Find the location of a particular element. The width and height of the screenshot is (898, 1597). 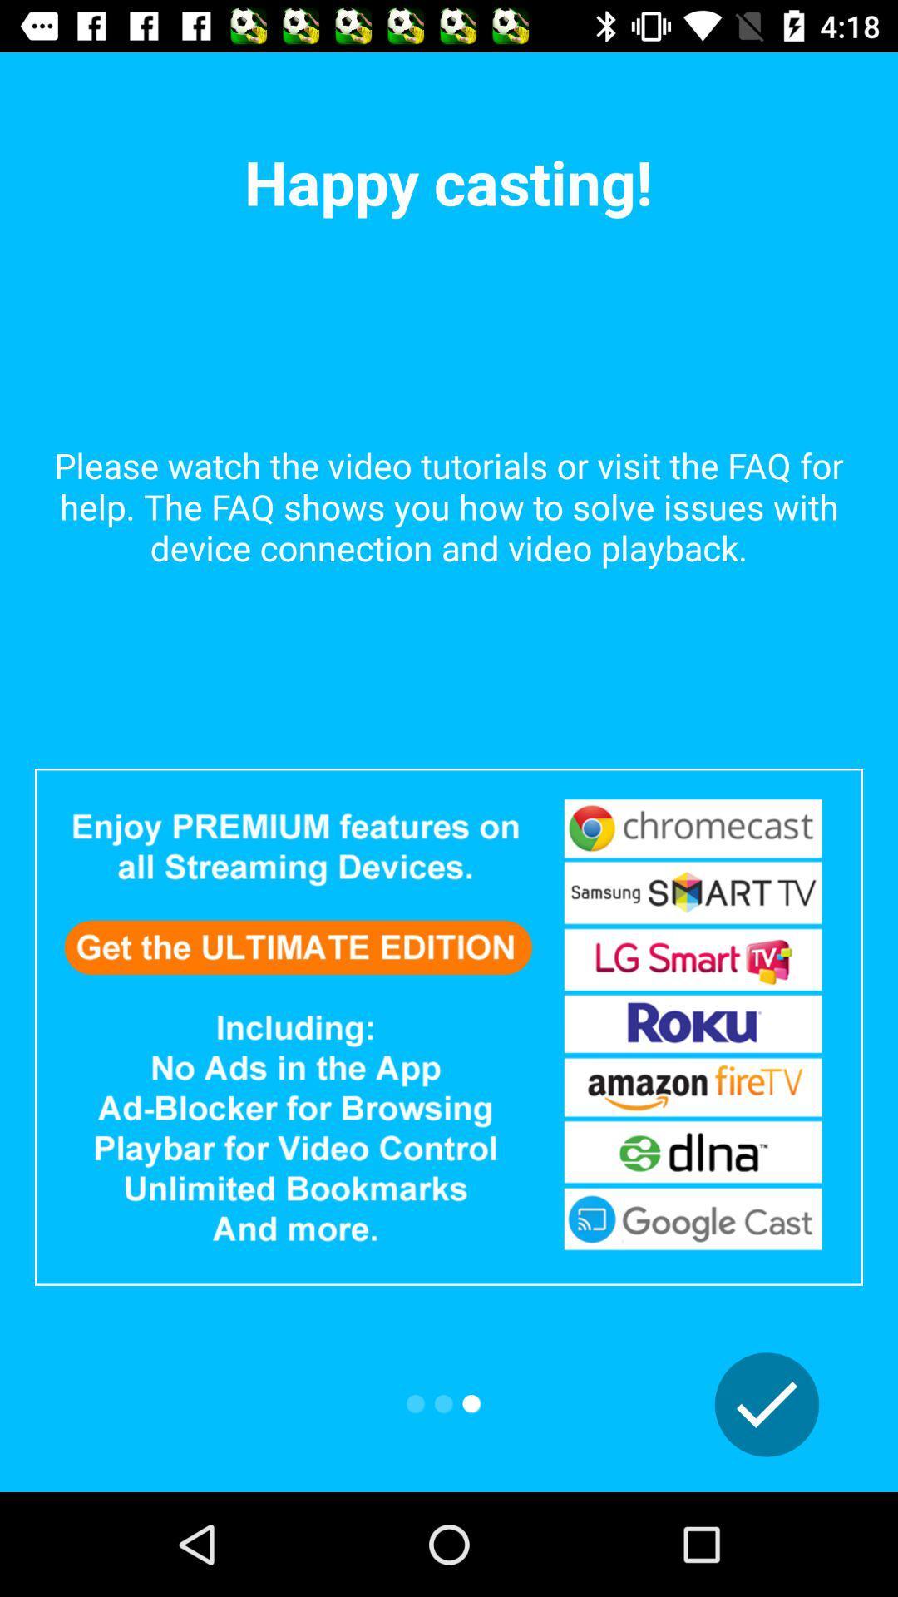

confirm option is located at coordinates (767, 1404).